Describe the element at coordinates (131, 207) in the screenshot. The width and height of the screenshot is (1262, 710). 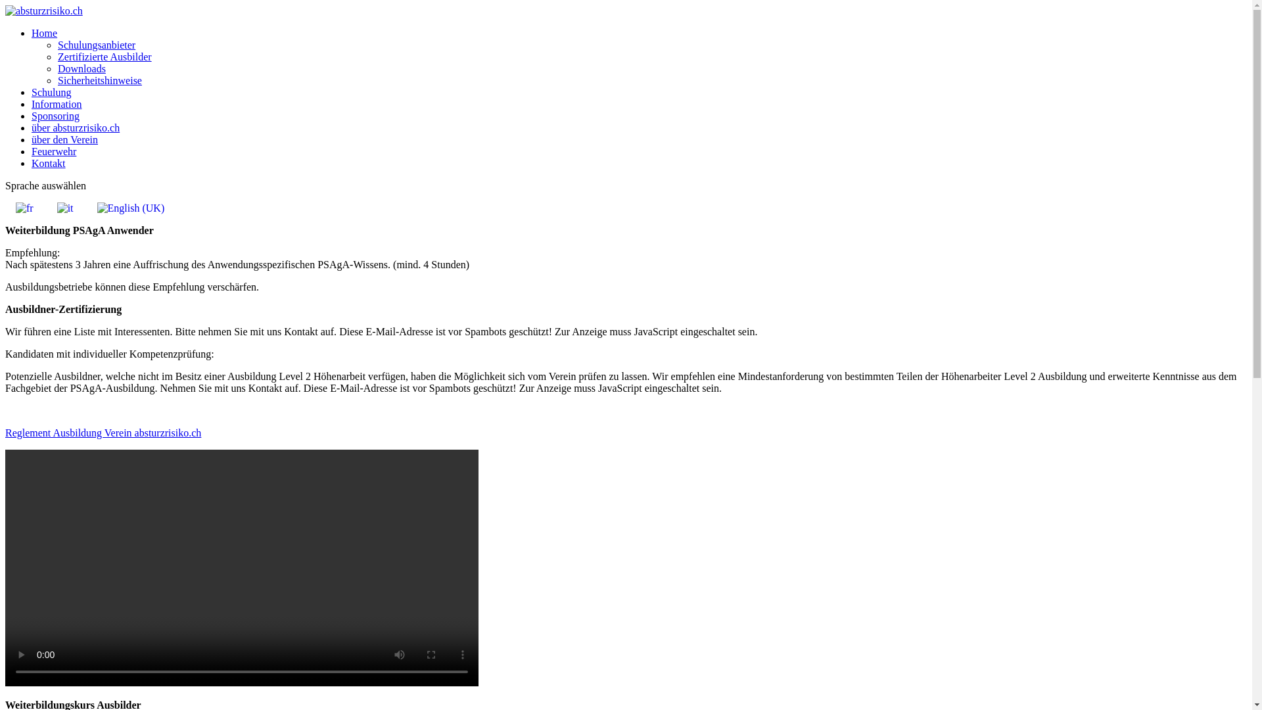
I see `'English (UK)'` at that location.